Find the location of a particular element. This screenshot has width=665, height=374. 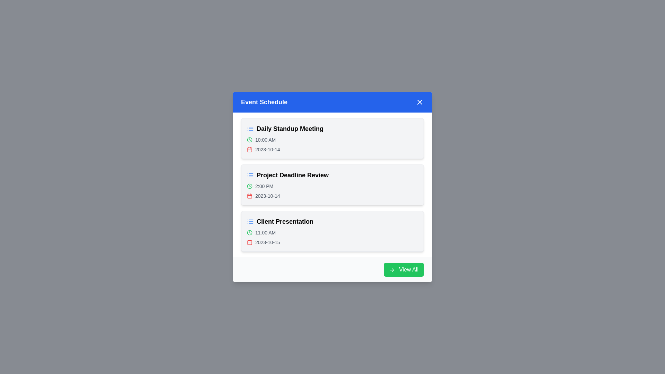

the leftmost icon in the header of the 'Project Deadline Review' section, which indicates a list of items is located at coordinates (250, 175).